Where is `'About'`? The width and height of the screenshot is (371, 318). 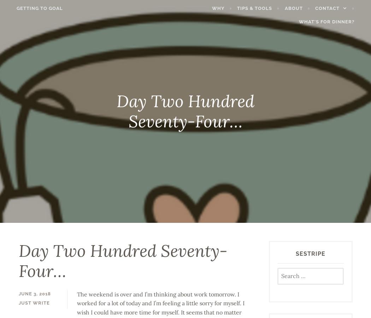
'About' is located at coordinates (301, 7).